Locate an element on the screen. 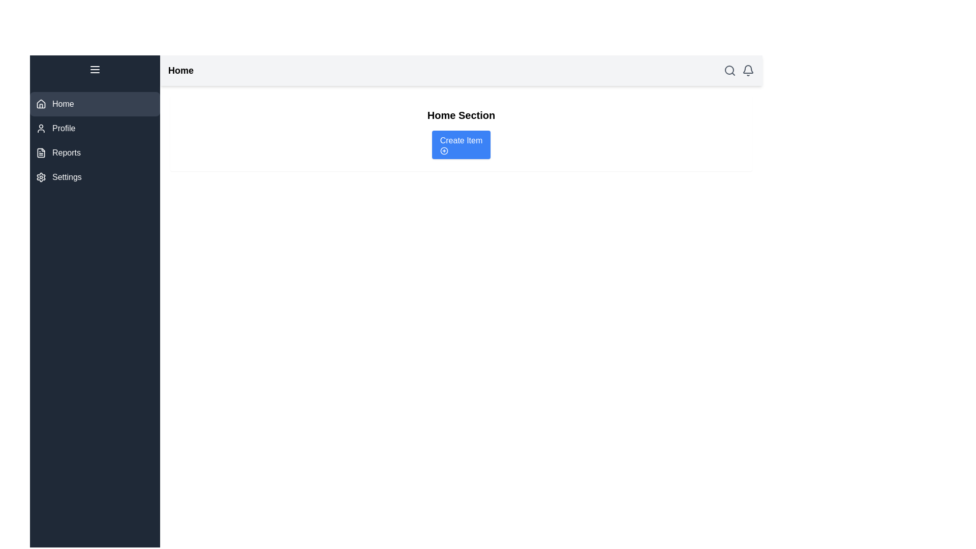  the 'Profile' text label in the sidebar navigation menu is located at coordinates (63, 128).